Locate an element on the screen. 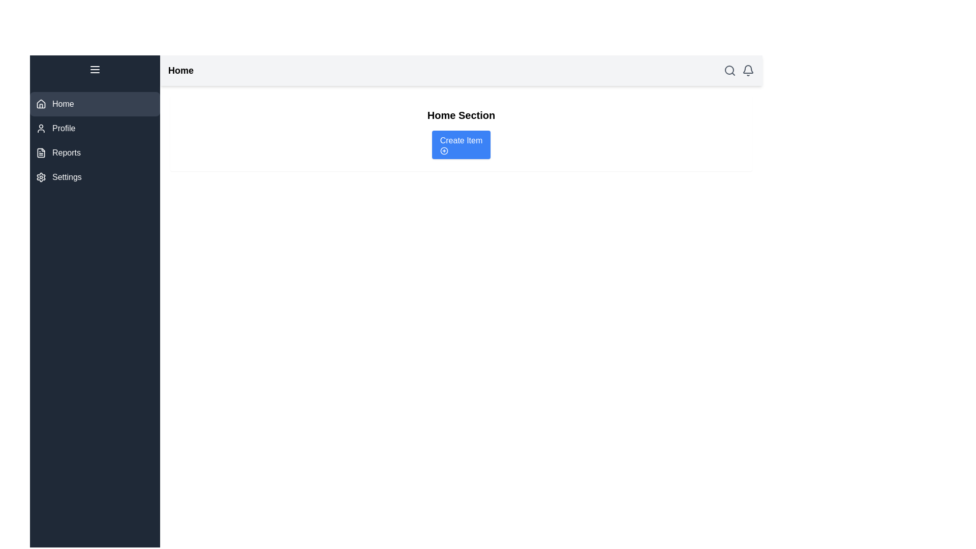  the 'Profile' text label in the sidebar navigation menu is located at coordinates (63, 128).